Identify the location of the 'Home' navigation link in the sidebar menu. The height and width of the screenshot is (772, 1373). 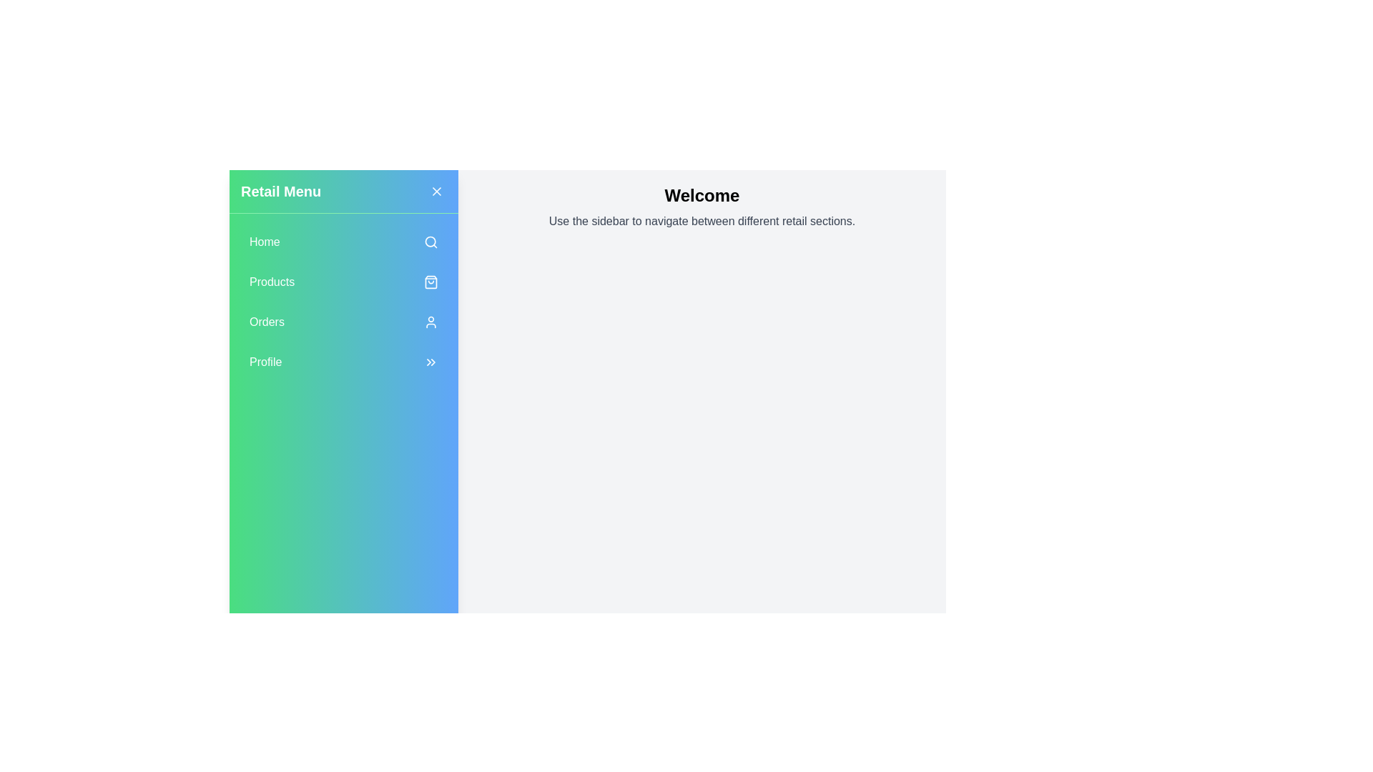
(343, 242).